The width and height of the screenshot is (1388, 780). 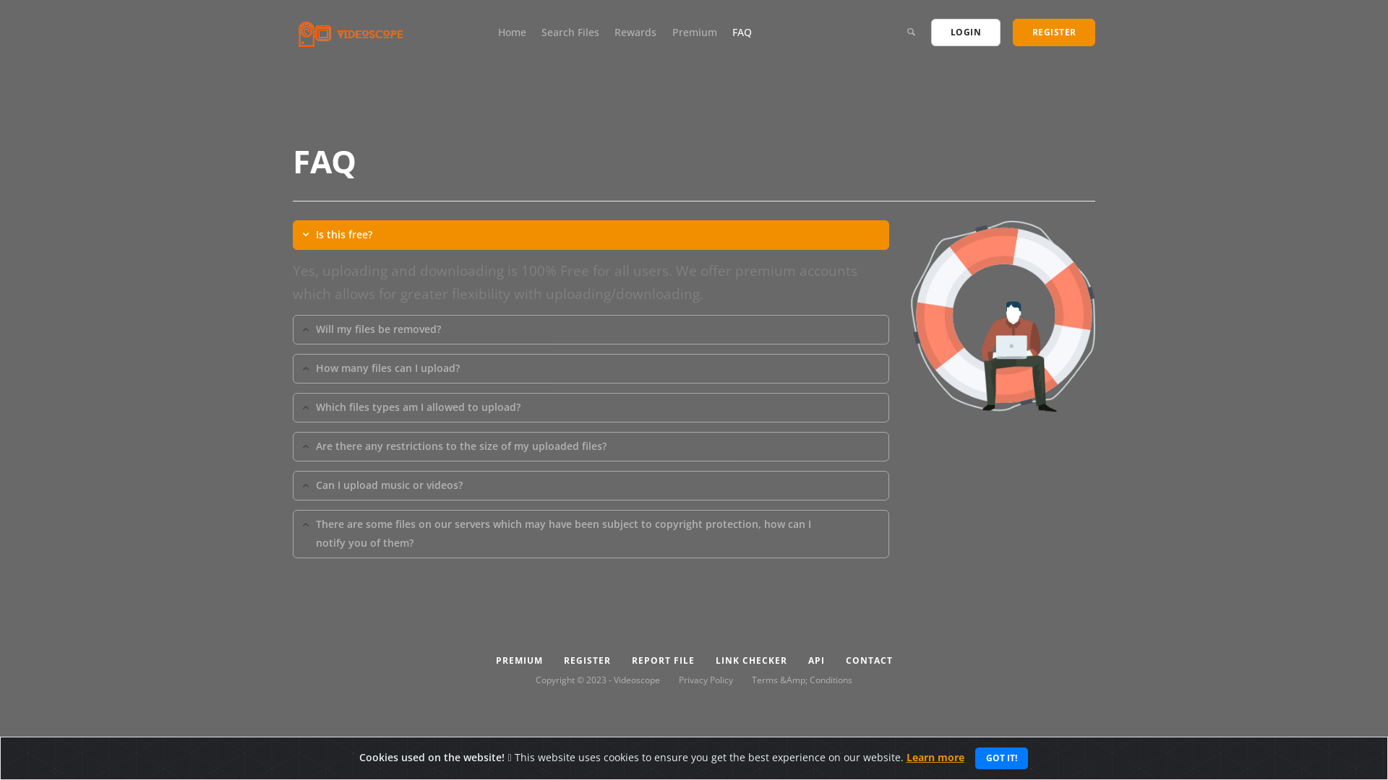 What do you see at coordinates (512, 32) in the screenshot?
I see `'Home'` at bounding box center [512, 32].